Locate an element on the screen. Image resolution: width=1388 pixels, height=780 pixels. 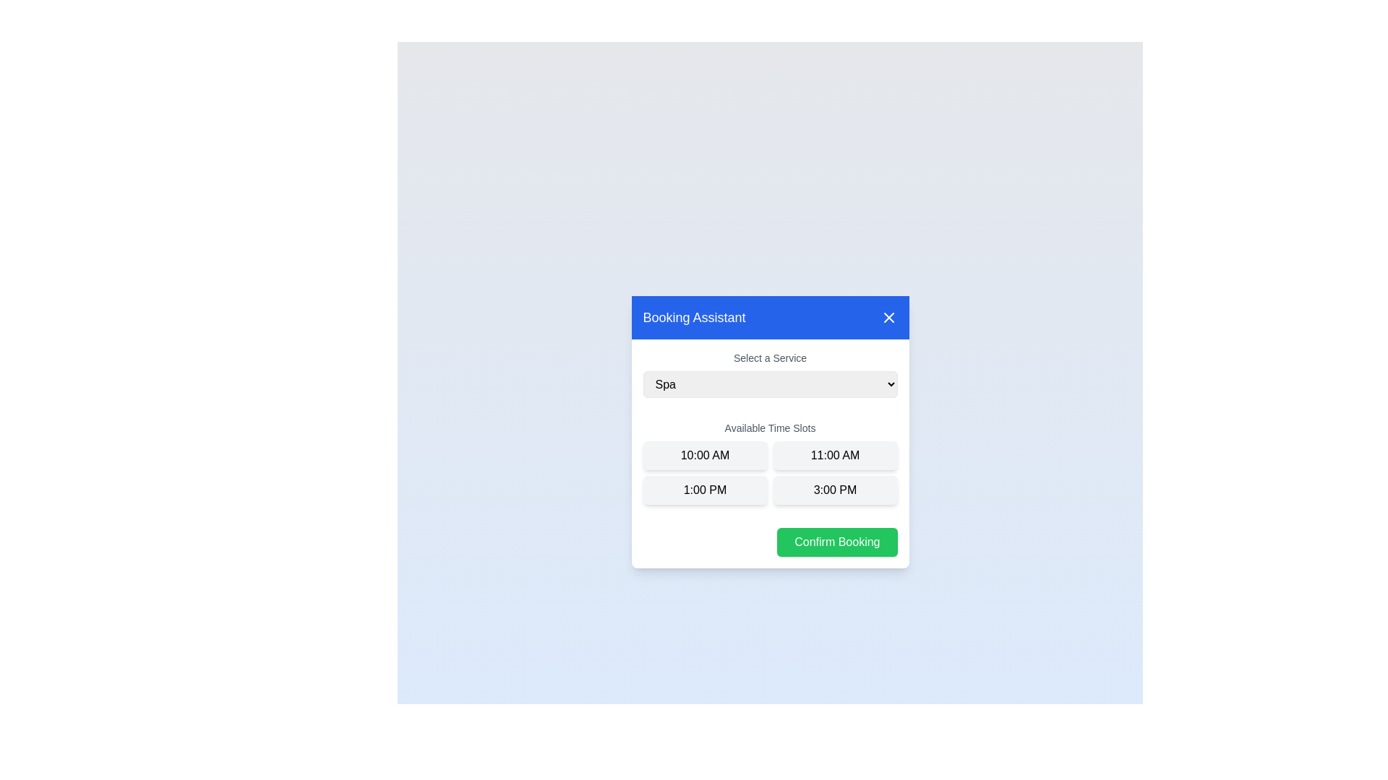
the time slot 1:00 PM by clicking on its button is located at coordinates (705, 489).